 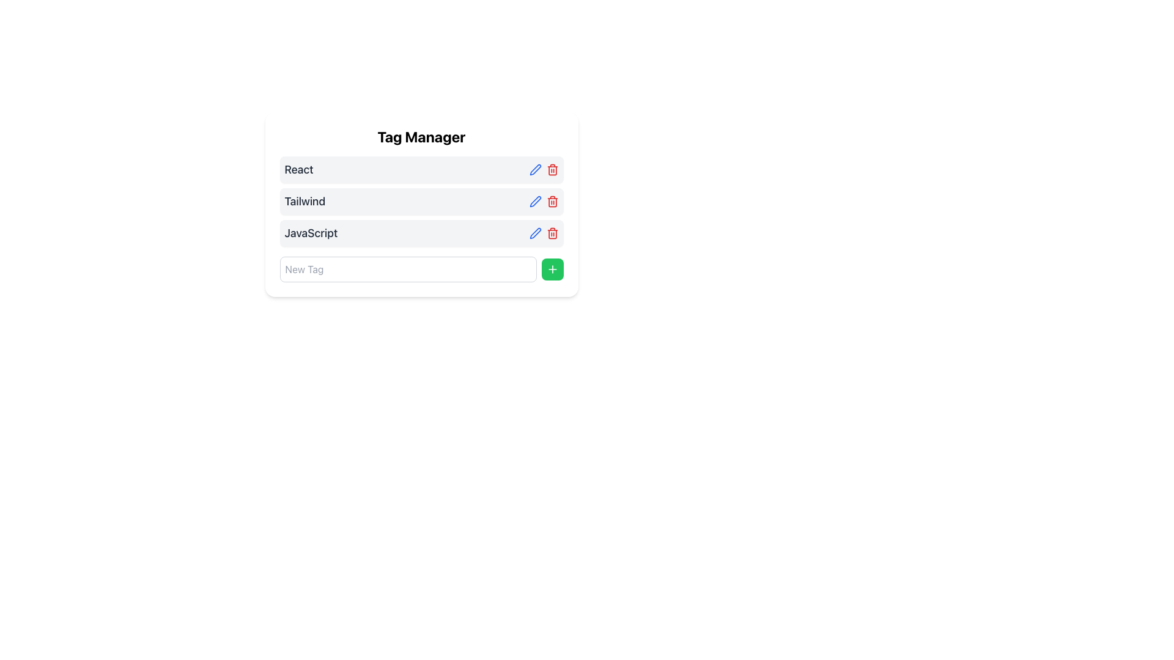 I want to click on the edit icon for the 'Tailwind' tag, located in the Tag Manager area, so click(x=535, y=233).